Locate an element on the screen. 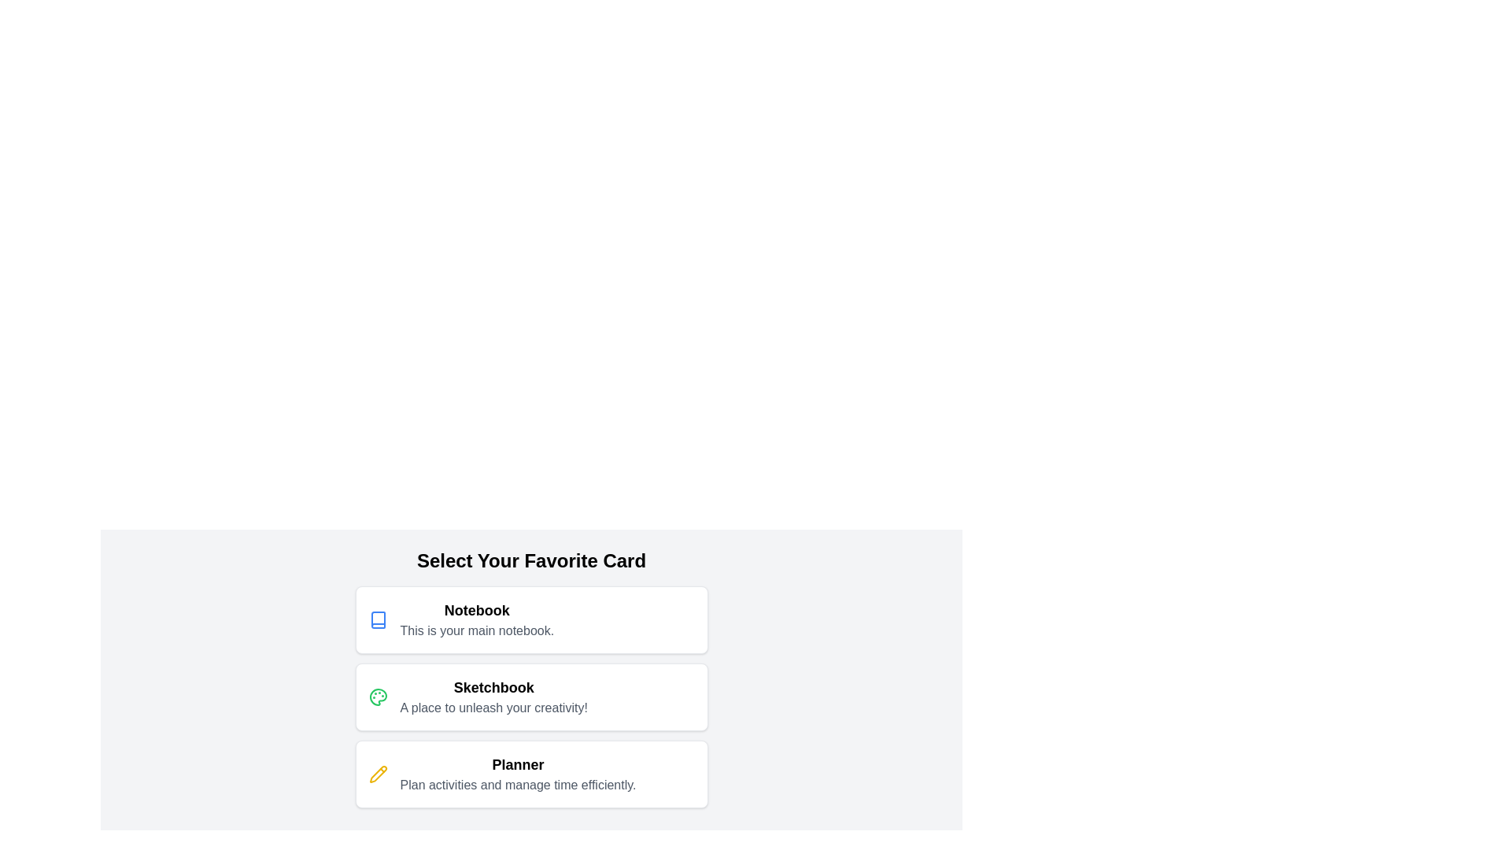  the 'Notebook' icon located on the left side of the first card in the list by moving the cursor to its center point is located at coordinates (378, 619).